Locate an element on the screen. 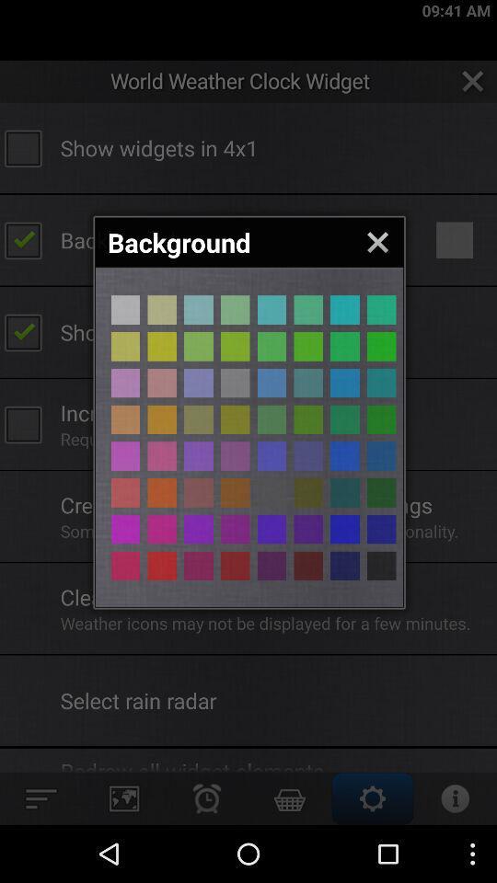 Image resolution: width=497 pixels, height=883 pixels. the background color is located at coordinates (162, 491).